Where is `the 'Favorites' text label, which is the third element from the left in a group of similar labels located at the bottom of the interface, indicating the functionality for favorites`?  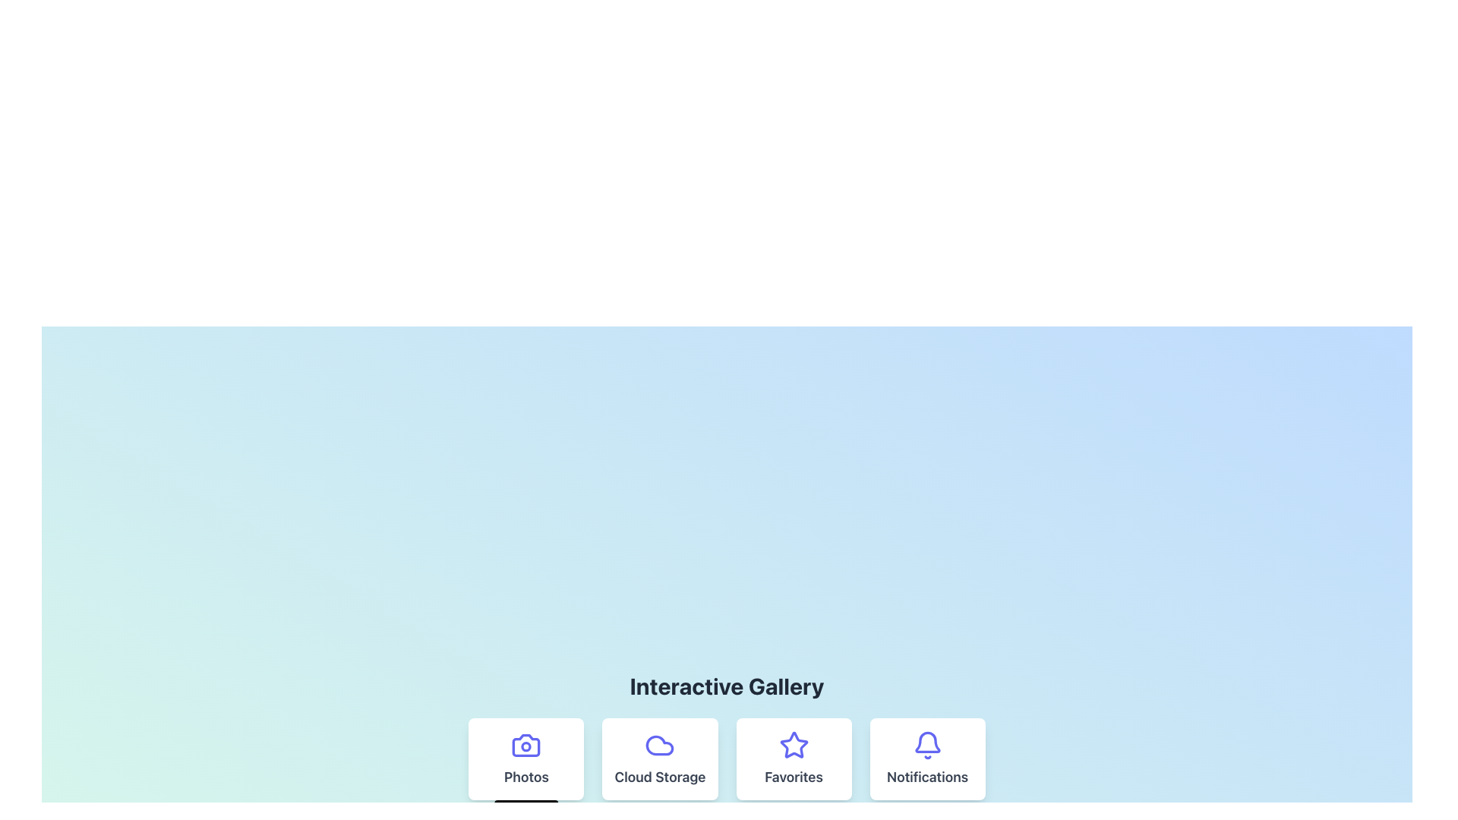
the 'Favorites' text label, which is the third element from the left in a group of similar labels located at the bottom of the interface, indicating the functionality for favorites is located at coordinates (793, 777).